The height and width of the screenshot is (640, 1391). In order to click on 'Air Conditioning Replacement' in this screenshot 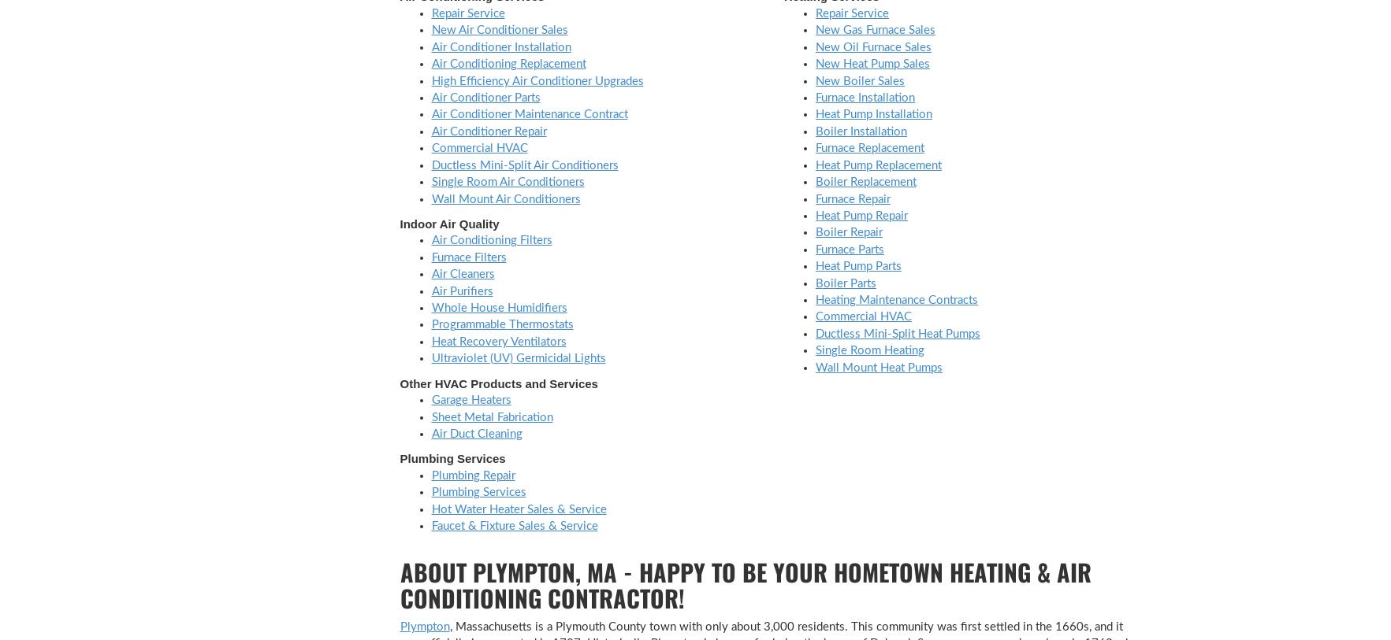, I will do `click(507, 63)`.